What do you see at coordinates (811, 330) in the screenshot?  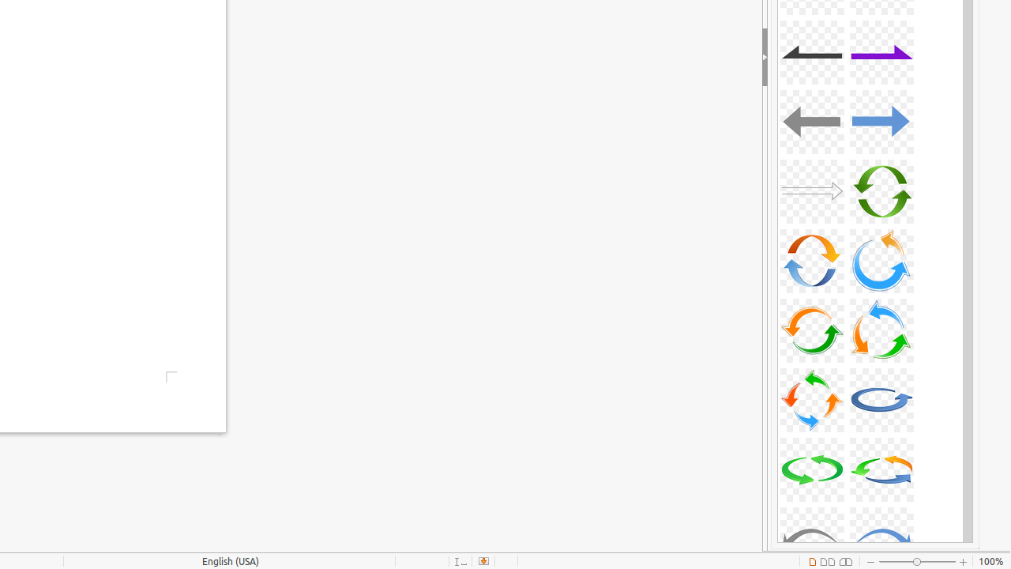 I see `'A17-CircleArrow'` at bounding box center [811, 330].